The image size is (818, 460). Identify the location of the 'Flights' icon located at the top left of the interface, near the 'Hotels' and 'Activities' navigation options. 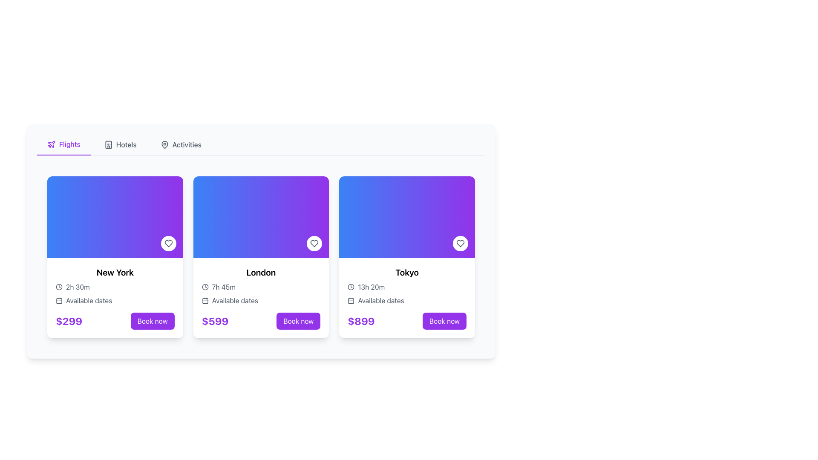
(51, 144).